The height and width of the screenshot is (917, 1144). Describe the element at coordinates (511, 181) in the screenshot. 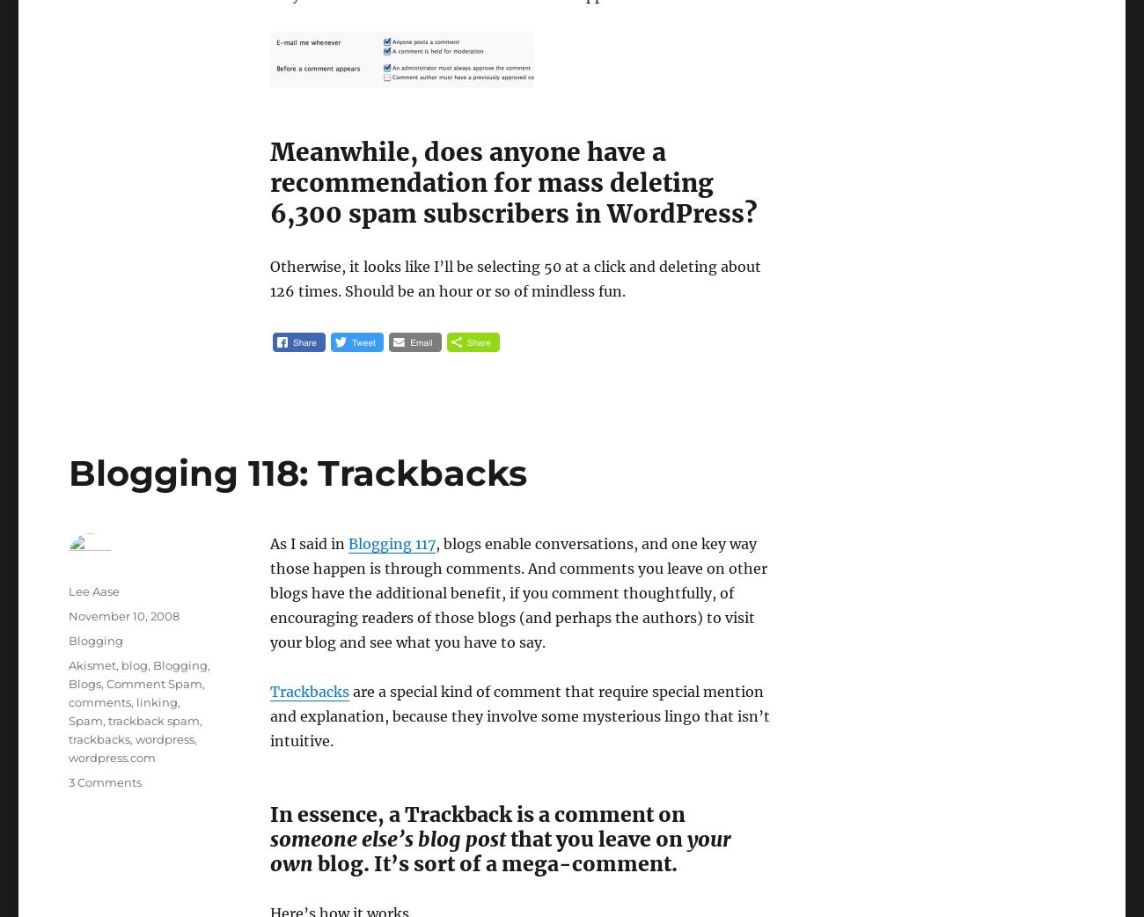

I see `'Meanwhile, does anyone have a recommendation for mass deleting 6,300 spam subscribers in WordPress?'` at that location.